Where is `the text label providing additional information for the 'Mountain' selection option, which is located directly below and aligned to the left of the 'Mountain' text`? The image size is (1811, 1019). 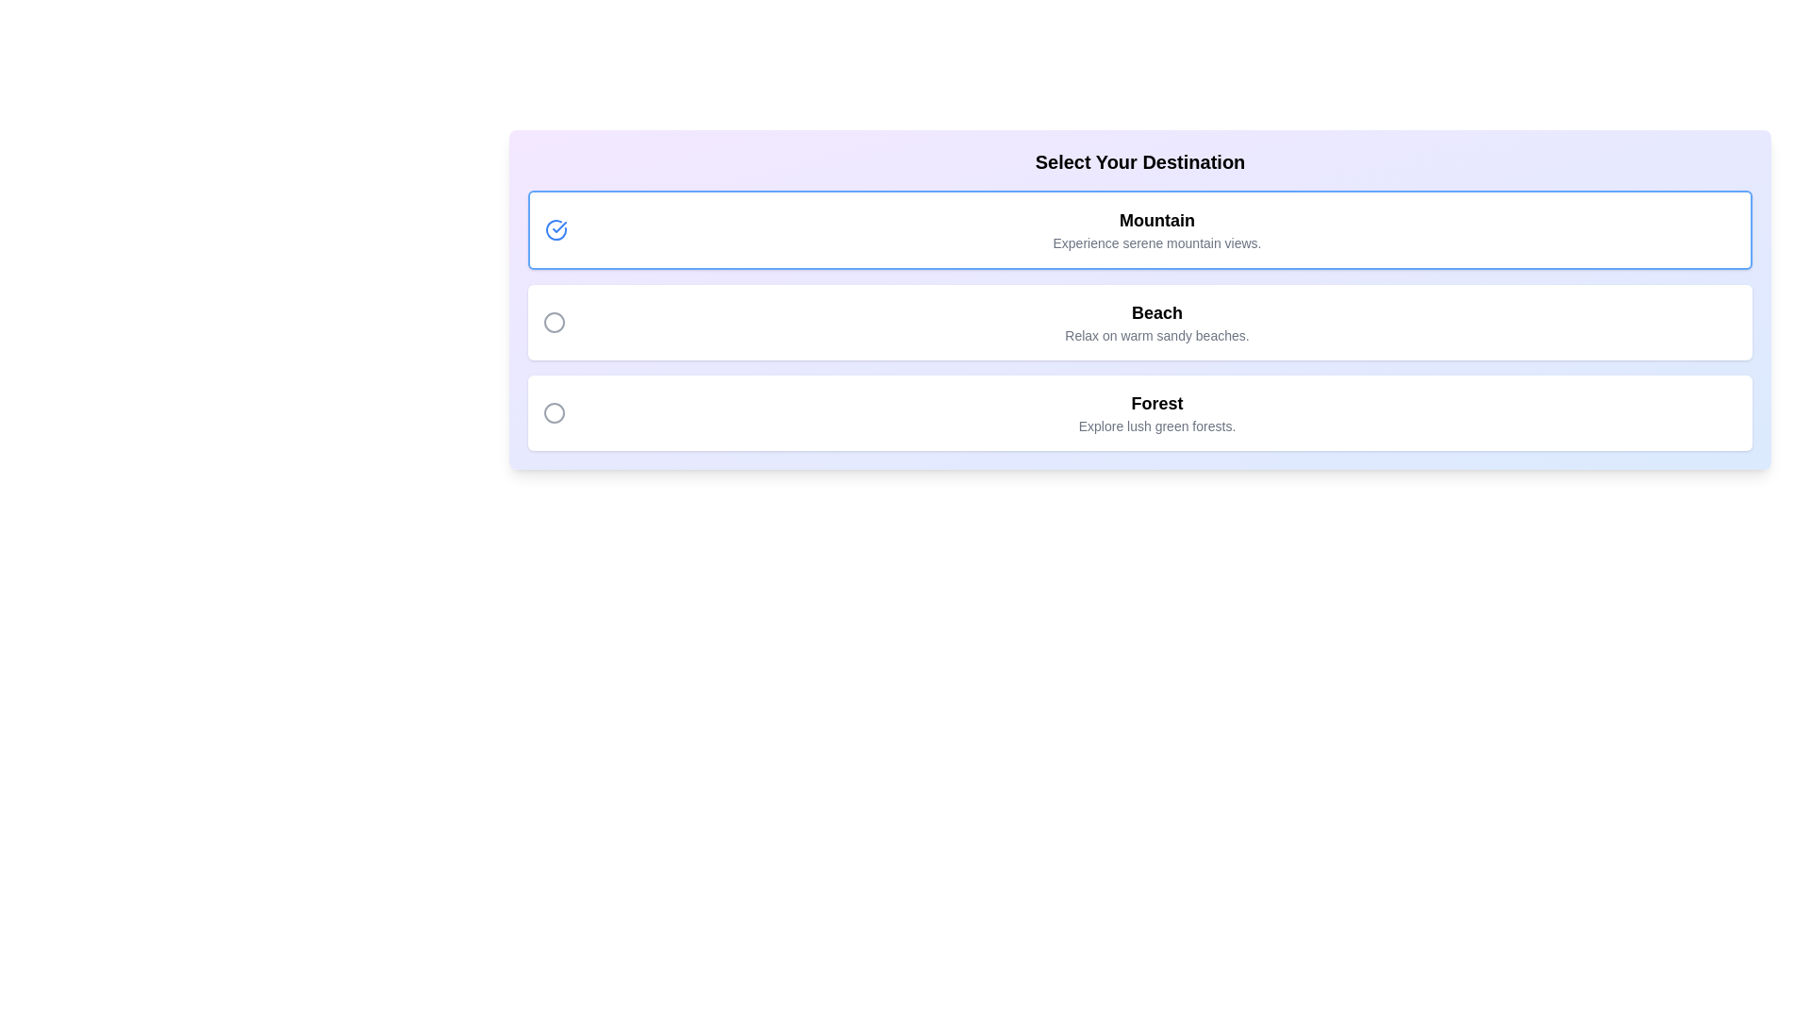 the text label providing additional information for the 'Mountain' selection option, which is located directly below and aligned to the left of the 'Mountain' text is located at coordinates (1156, 242).